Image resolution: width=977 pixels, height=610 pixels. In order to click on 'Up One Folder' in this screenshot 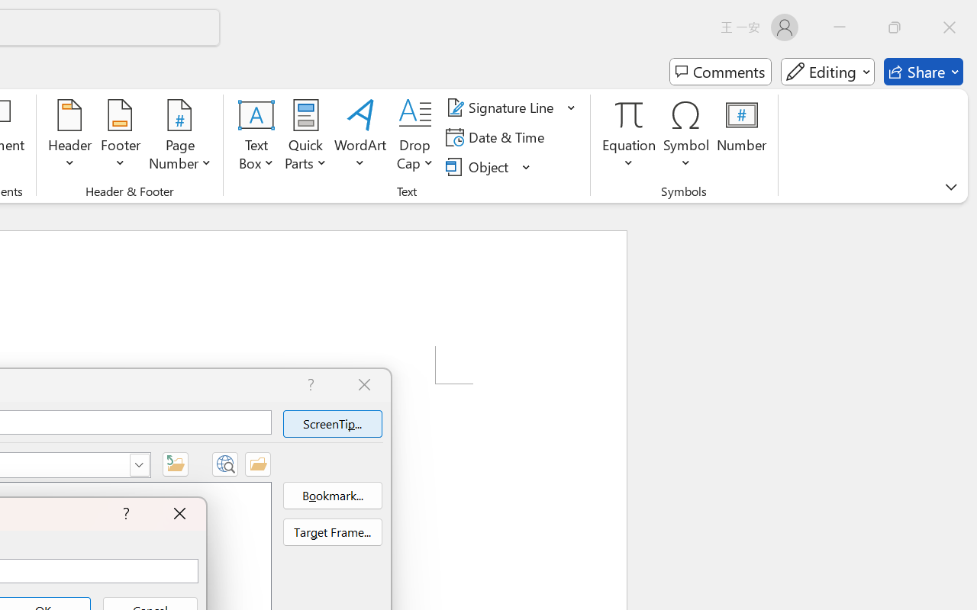, I will do `click(176, 464)`.